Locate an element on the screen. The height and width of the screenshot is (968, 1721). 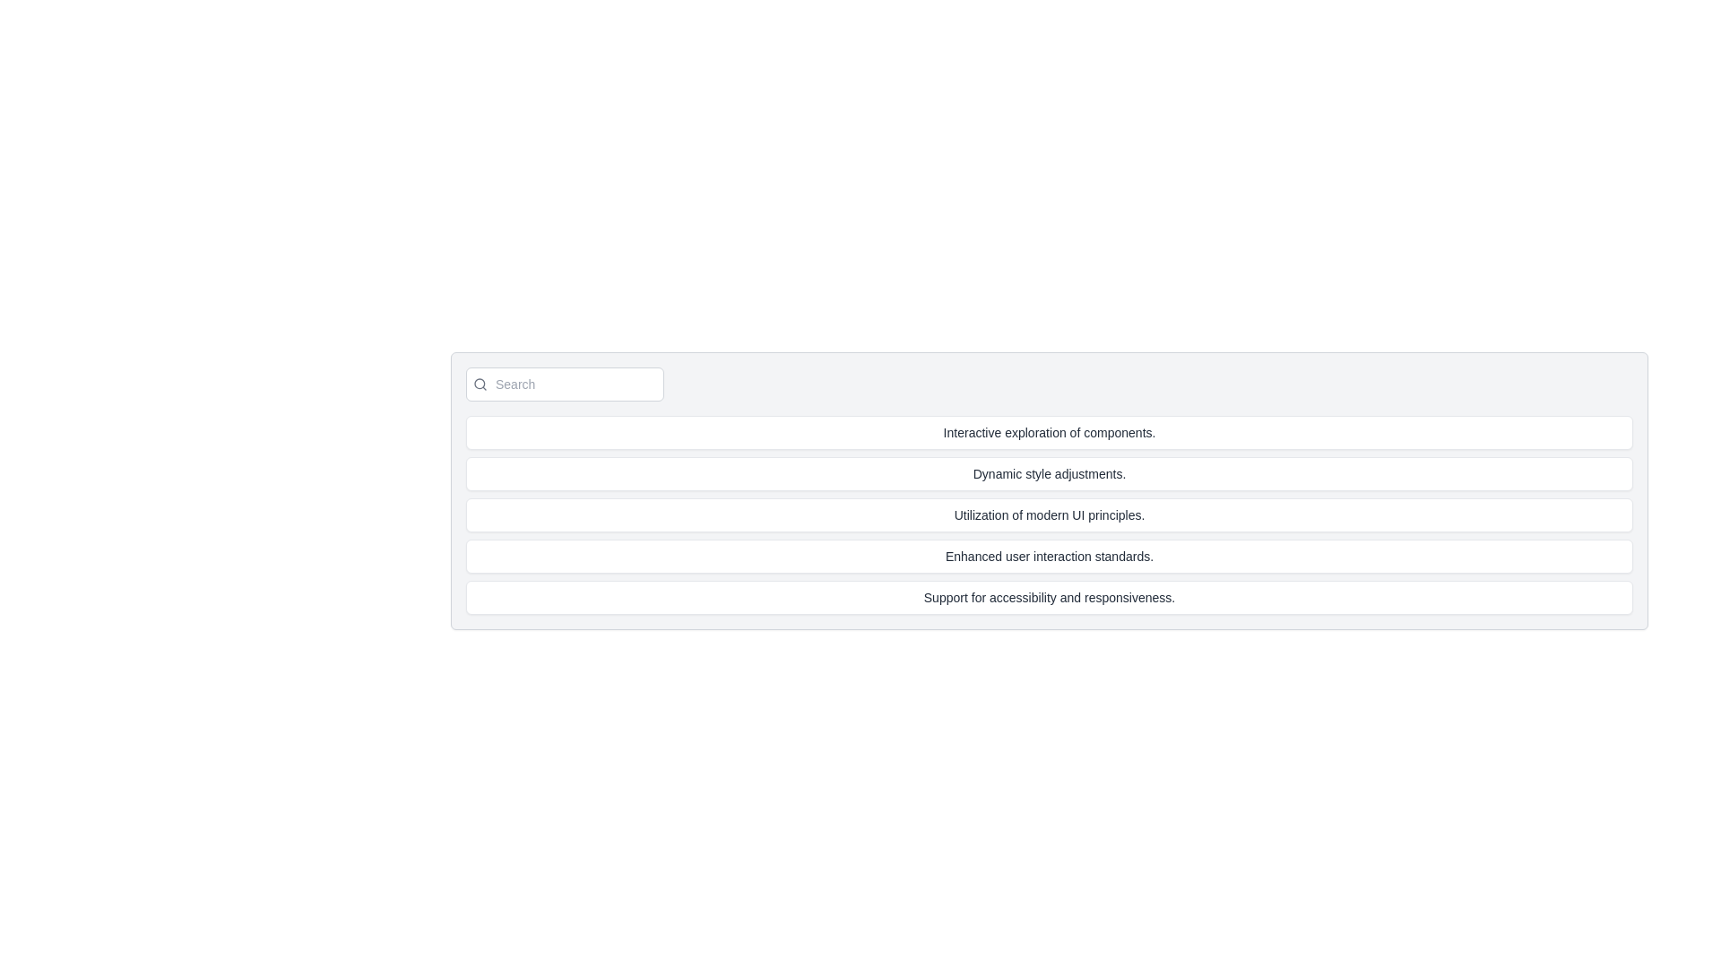
the last character 't' in the word 'standards' within the fourth bullet point labeled 'Enhanced user interaction standards.' is located at coordinates (1102, 556).